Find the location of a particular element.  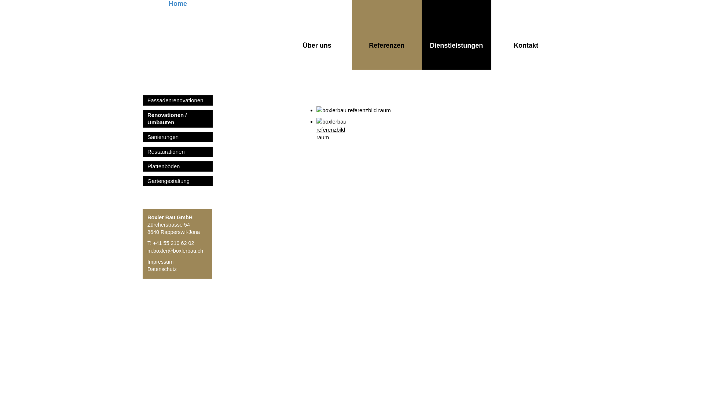

'Restaurationen' is located at coordinates (177, 151).